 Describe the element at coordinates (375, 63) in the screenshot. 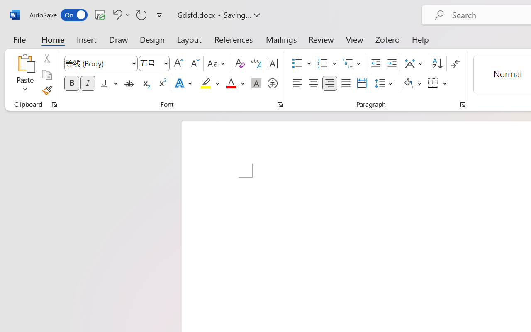

I see `'Decrease Indent'` at that location.